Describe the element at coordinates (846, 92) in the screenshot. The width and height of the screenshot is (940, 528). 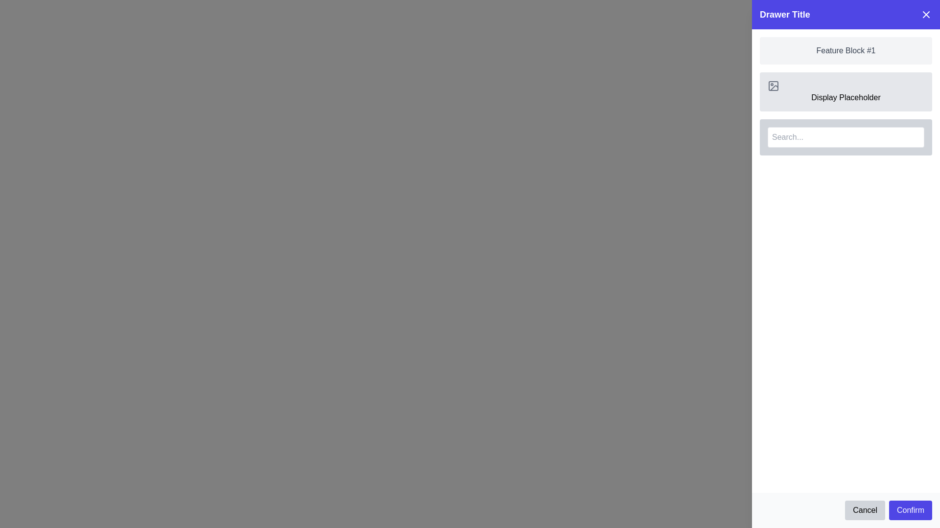
I see `placeholder text from the Display block located below 'Feature Block #1' and above the search input field` at that location.